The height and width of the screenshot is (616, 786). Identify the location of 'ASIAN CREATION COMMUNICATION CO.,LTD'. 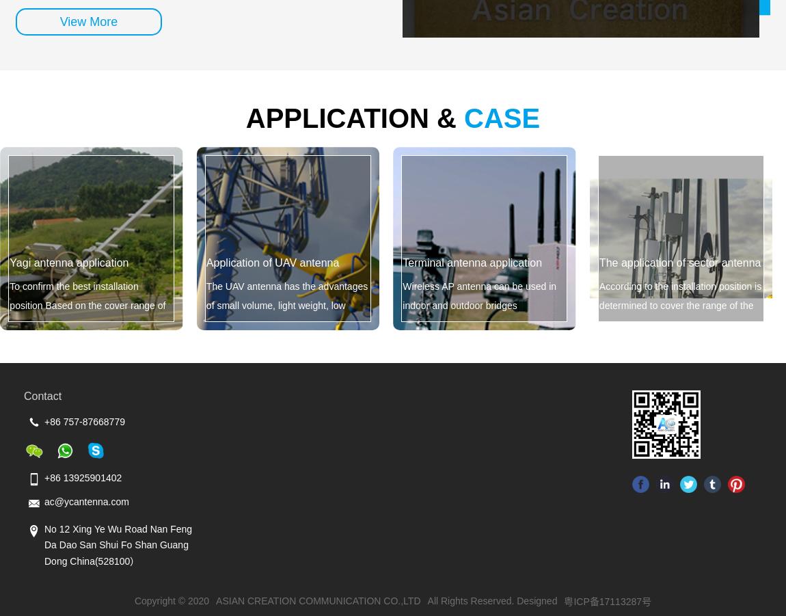
(318, 600).